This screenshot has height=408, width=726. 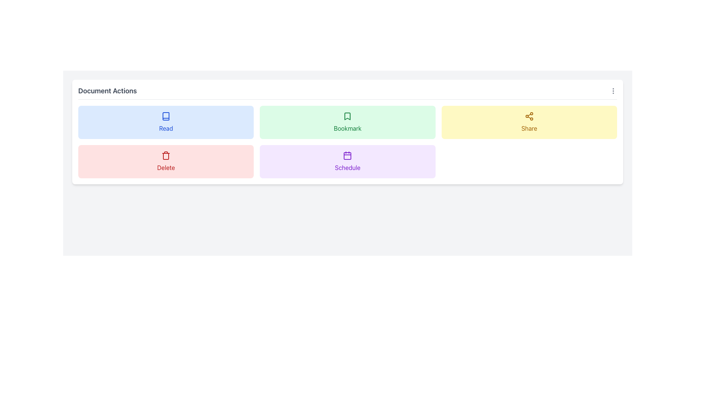 I want to click on the 'Read' icon located in the first card of the 'Document Actions' section, so click(x=166, y=116).